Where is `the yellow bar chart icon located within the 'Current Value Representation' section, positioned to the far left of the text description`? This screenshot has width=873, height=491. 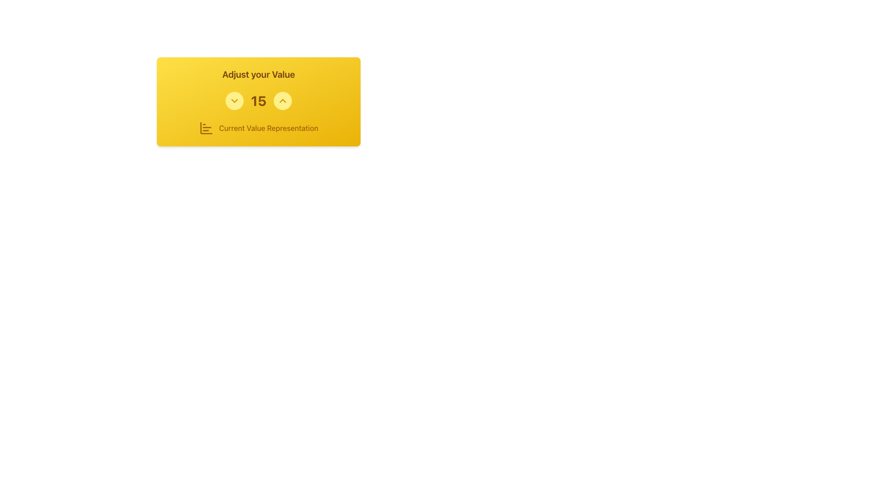 the yellow bar chart icon located within the 'Current Value Representation' section, positioned to the far left of the text description is located at coordinates (206, 128).